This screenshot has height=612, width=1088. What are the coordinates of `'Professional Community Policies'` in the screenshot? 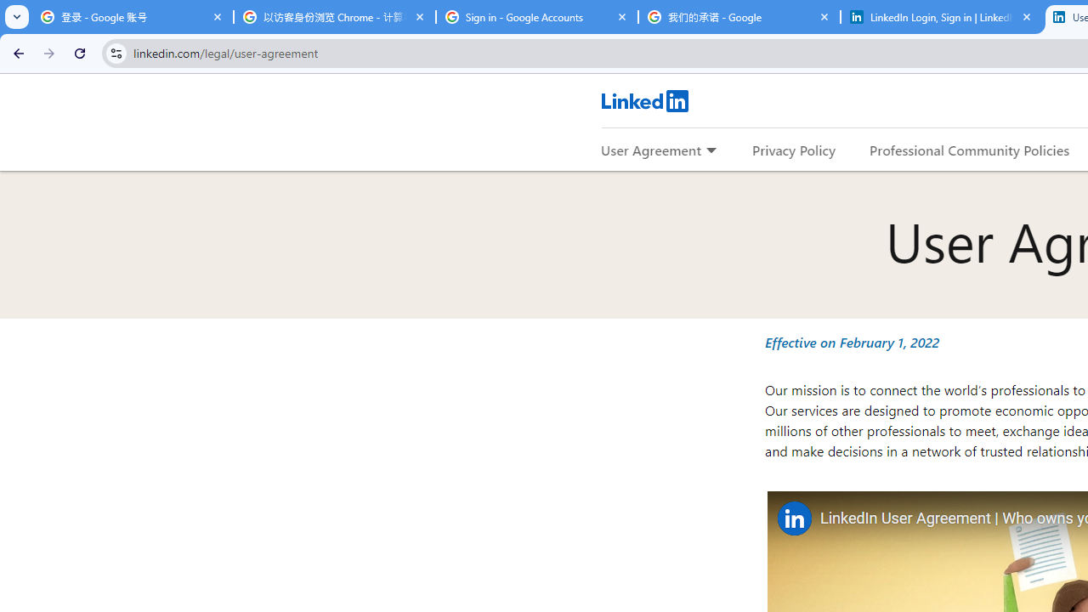 It's located at (970, 149).